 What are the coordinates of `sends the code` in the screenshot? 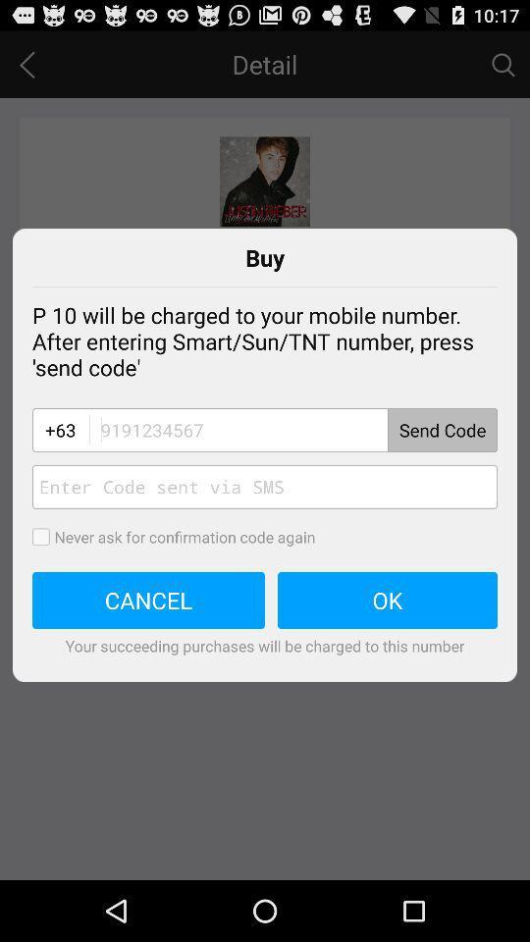 It's located at (291, 430).